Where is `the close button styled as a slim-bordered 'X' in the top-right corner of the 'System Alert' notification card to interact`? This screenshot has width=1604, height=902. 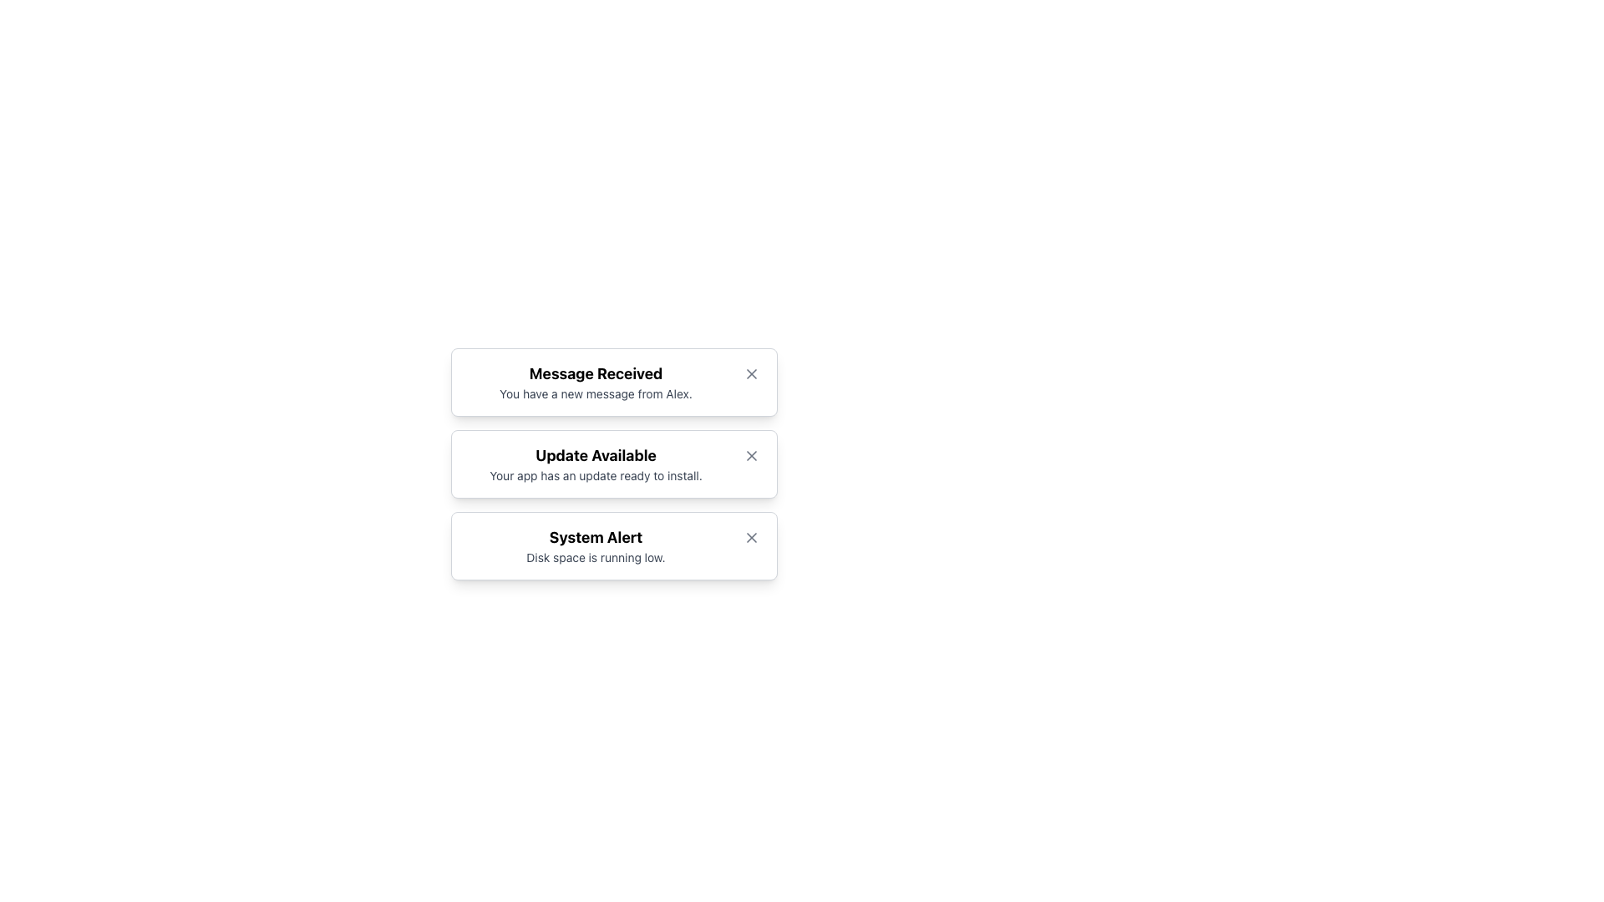
the close button styled as a slim-bordered 'X' in the top-right corner of the 'System Alert' notification card to interact is located at coordinates (751, 538).